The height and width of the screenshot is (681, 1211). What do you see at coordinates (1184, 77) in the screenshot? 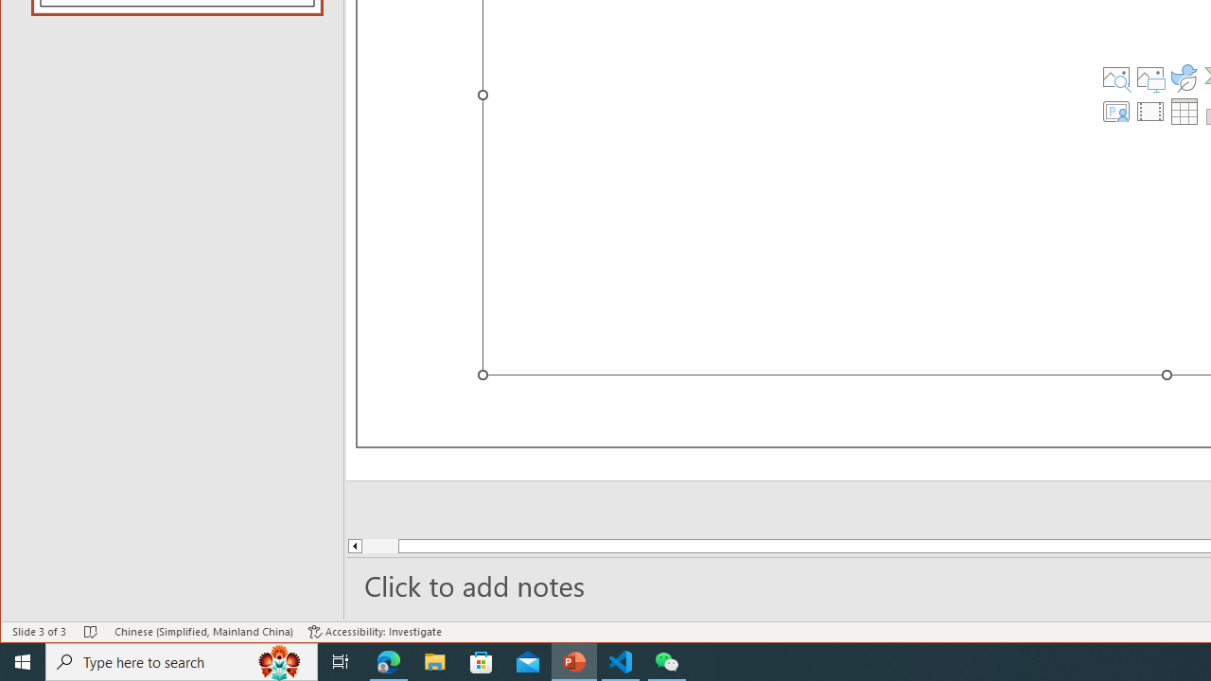
I see `'Insert an Icon'` at bounding box center [1184, 77].